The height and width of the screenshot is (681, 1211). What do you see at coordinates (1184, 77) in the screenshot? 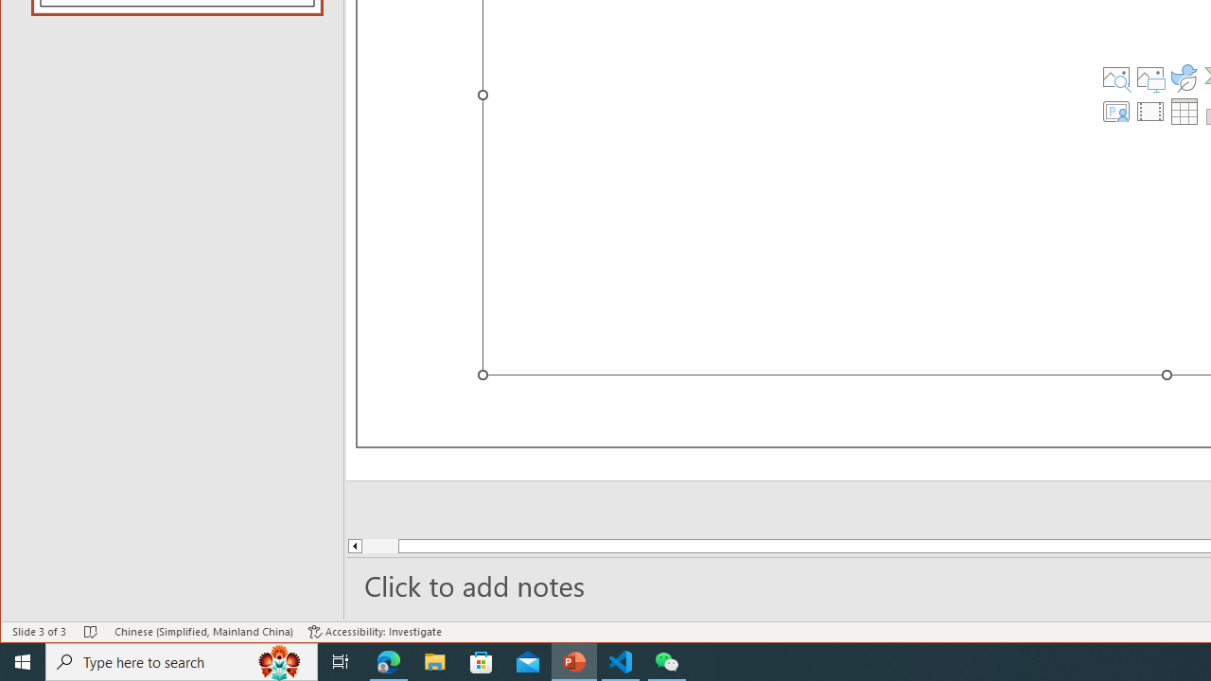
I see `'Insert an Icon'` at bounding box center [1184, 77].